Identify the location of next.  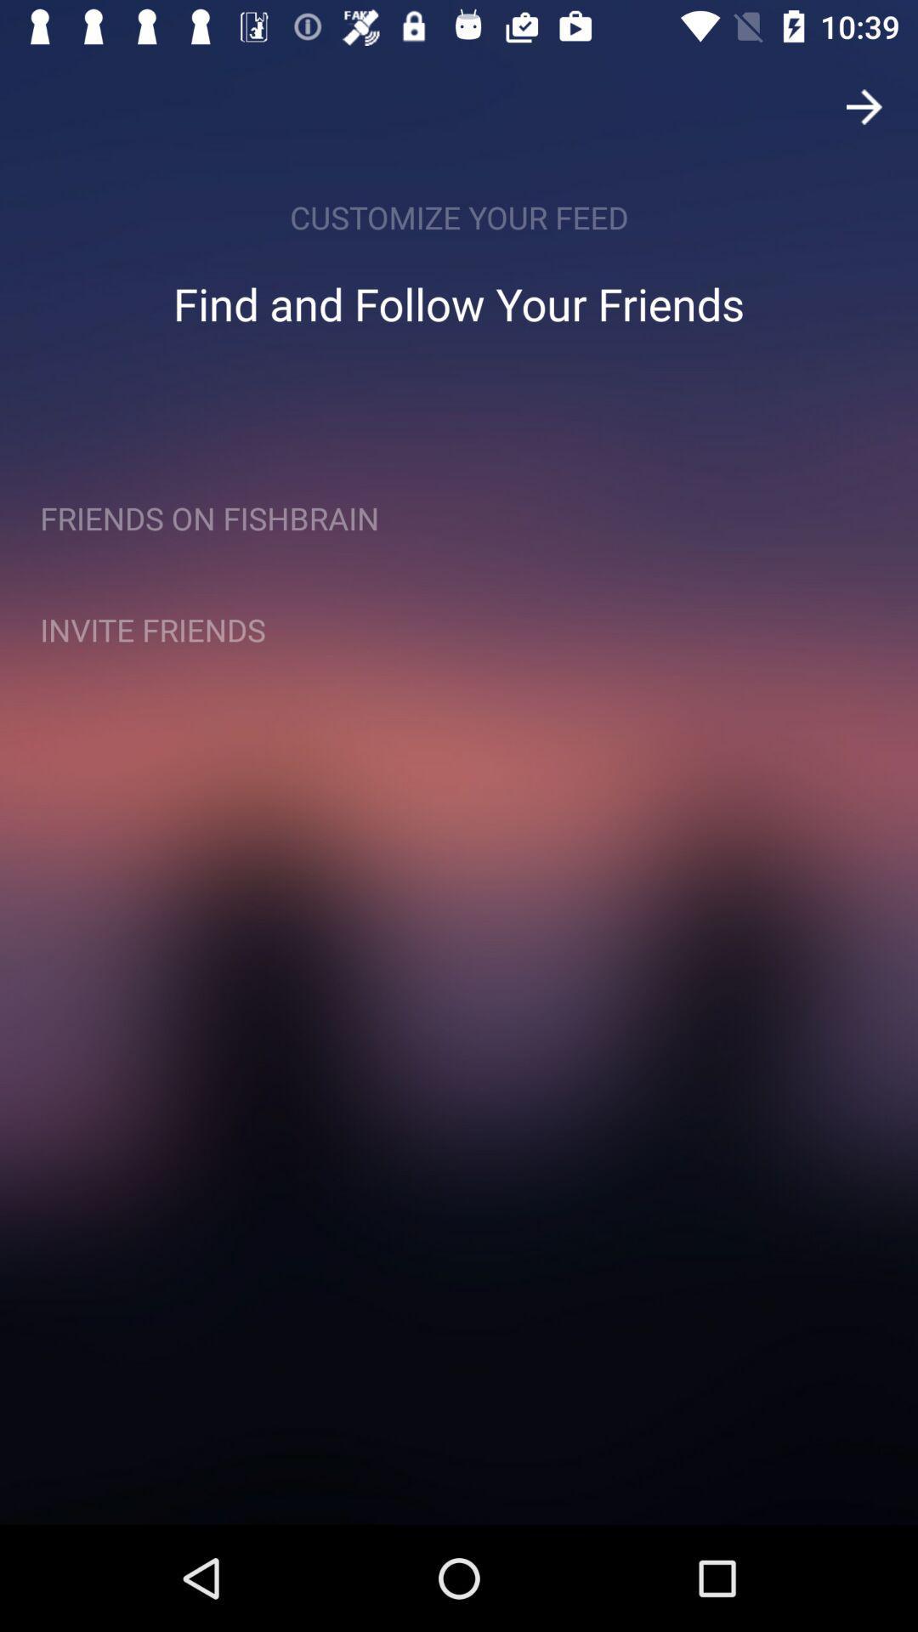
(864, 105).